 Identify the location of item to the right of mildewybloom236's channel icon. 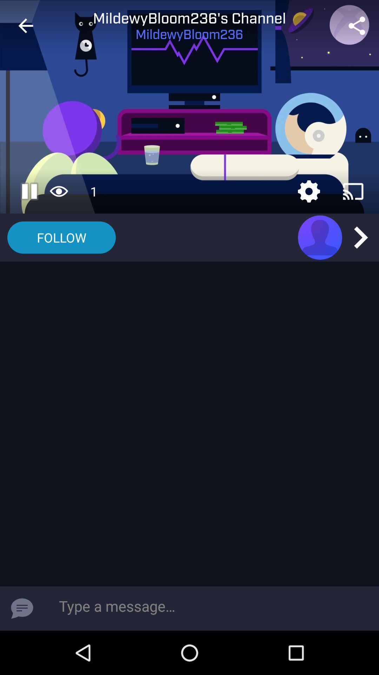
(357, 26).